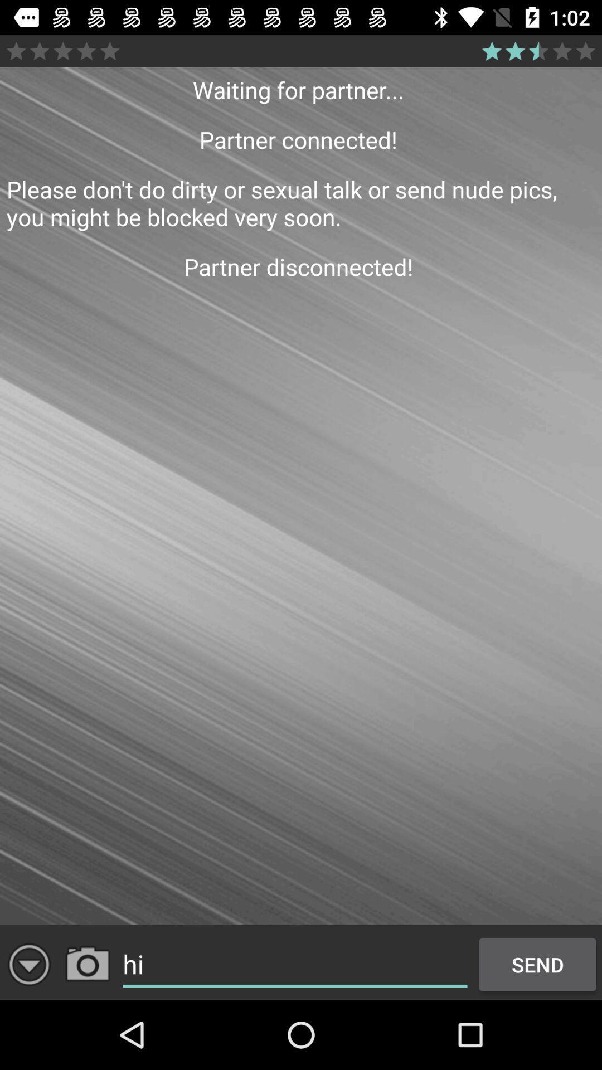 This screenshot has width=602, height=1070. What do you see at coordinates (28, 964) in the screenshot?
I see `down arrow to open more options` at bounding box center [28, 964].